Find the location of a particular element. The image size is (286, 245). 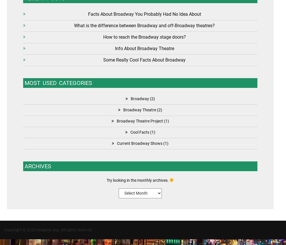

'What is the difference between Broadway and off-Broadway theatres?' is located at coordinates (74, 25).